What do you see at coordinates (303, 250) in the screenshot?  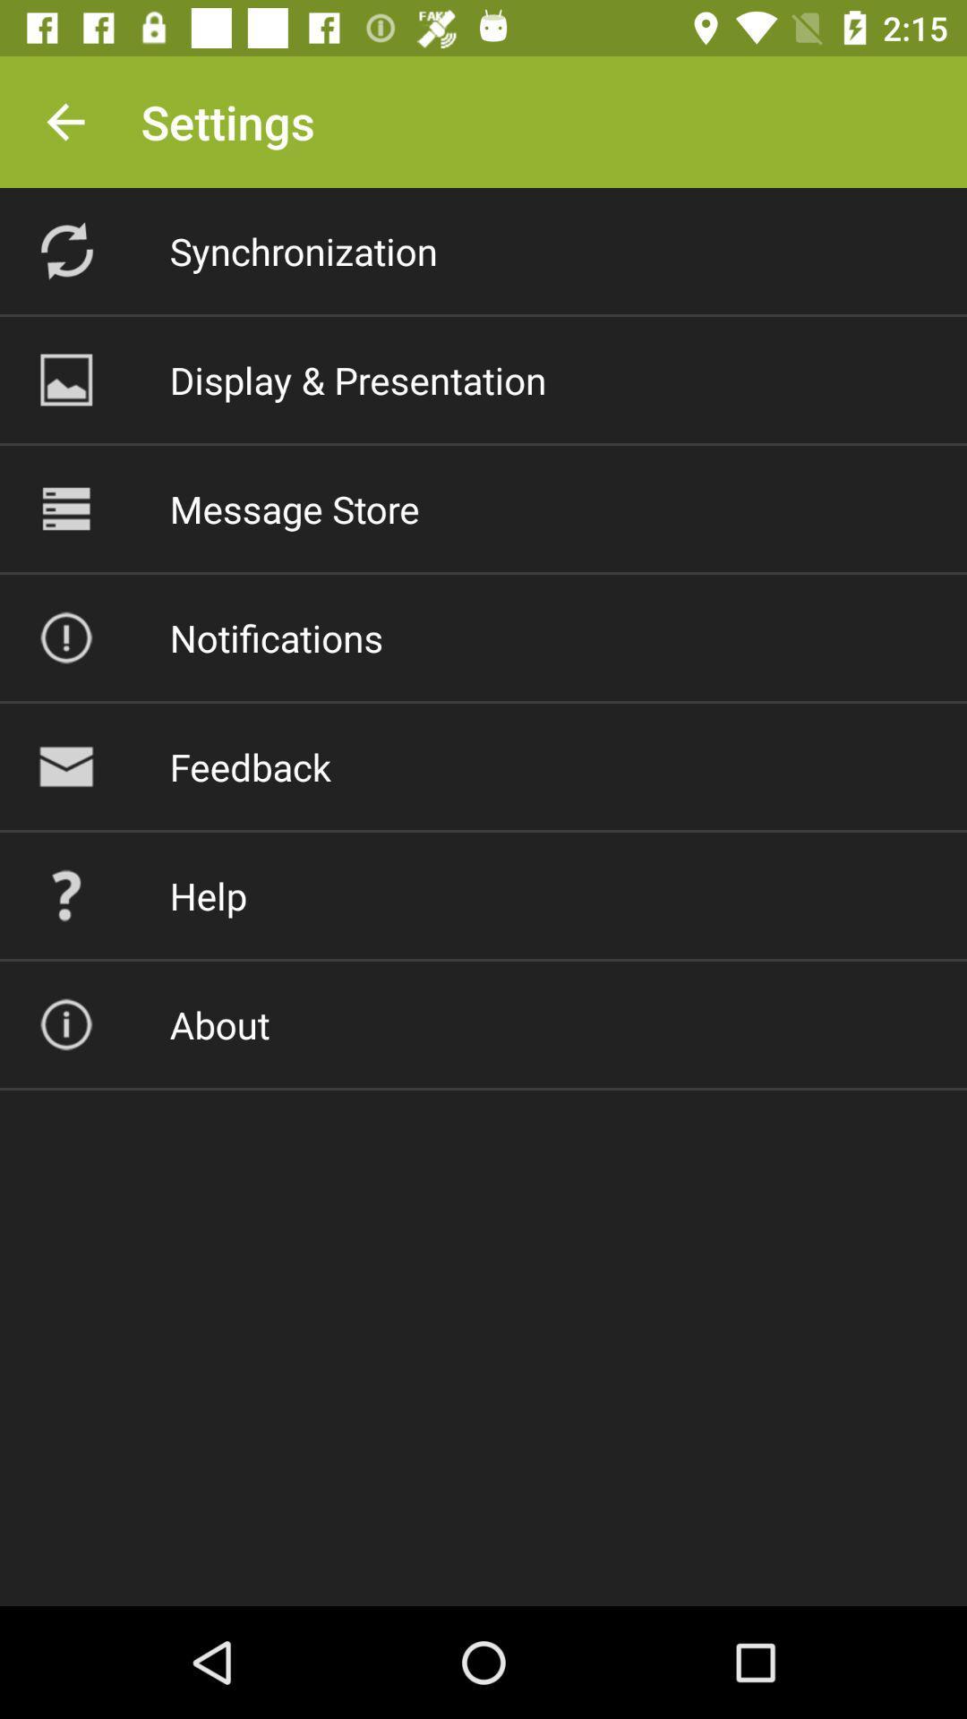 I see `the synchronization` at bounding box center [303, 250].